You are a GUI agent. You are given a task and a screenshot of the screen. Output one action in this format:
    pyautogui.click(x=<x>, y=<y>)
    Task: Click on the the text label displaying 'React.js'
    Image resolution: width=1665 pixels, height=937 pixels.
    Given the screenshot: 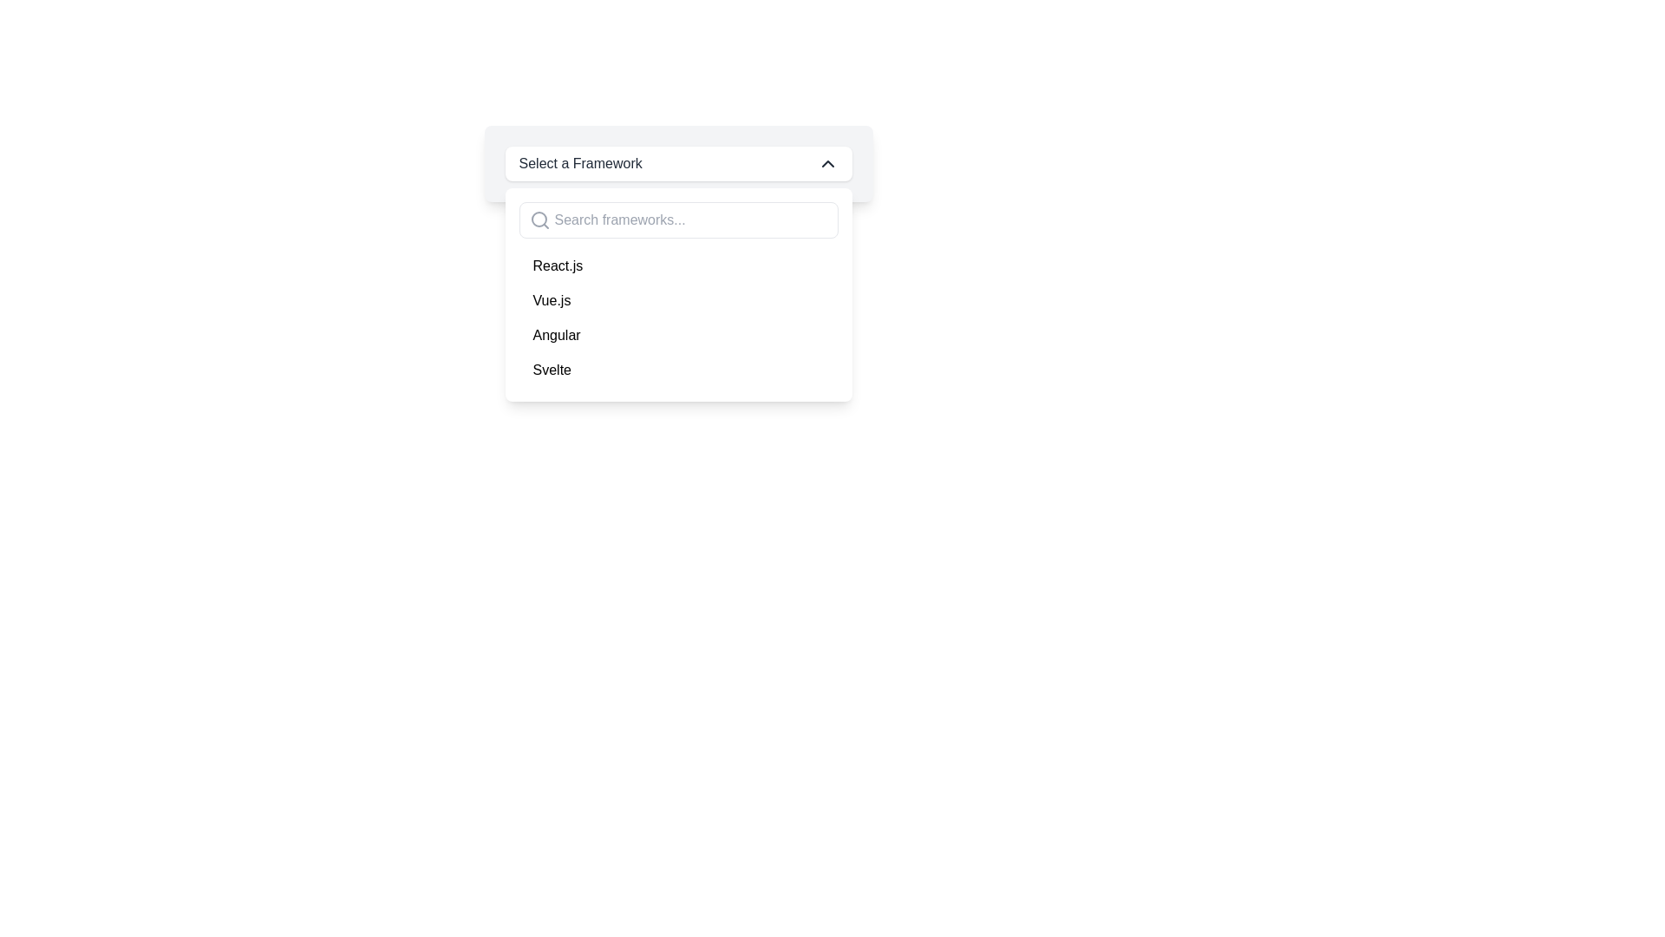 What is the action you would take?
    pyautogui.click(x=558, y=266)
    